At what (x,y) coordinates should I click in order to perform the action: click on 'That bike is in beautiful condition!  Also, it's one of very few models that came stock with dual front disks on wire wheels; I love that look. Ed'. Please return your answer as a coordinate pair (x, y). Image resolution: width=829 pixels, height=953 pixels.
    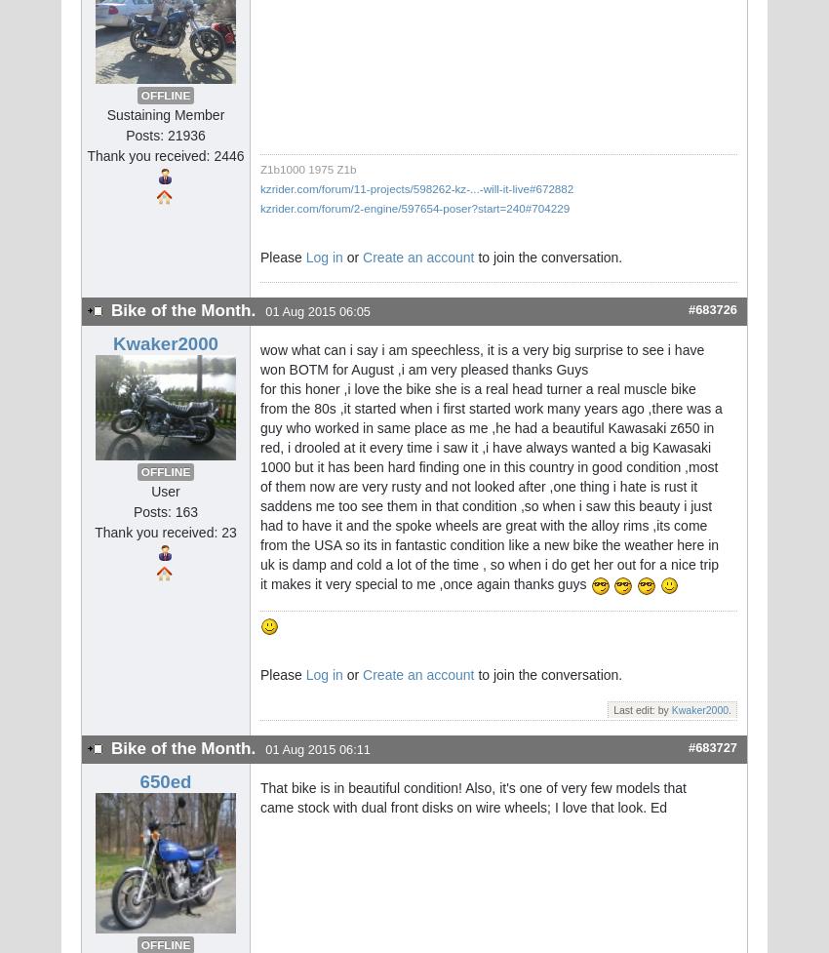
    Looking at the image, I should click on (473, 797).